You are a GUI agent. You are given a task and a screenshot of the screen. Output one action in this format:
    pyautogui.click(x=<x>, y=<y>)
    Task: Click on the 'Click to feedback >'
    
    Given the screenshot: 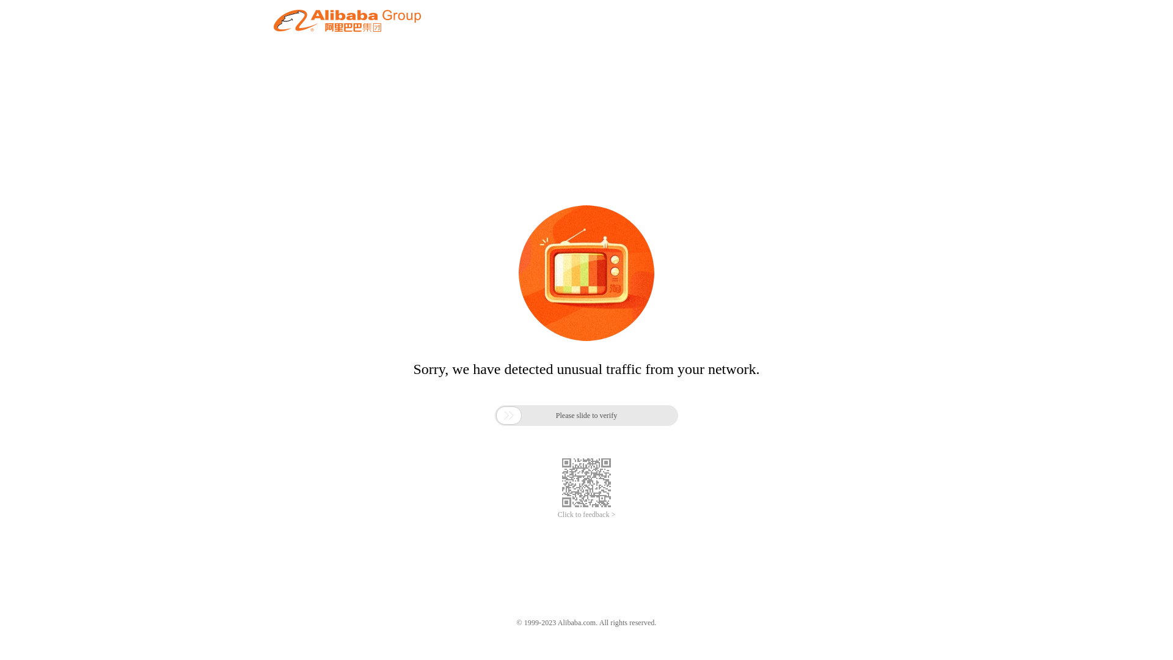 What is the action you would take?
    pyautogui.click(x=586, y=515)
    